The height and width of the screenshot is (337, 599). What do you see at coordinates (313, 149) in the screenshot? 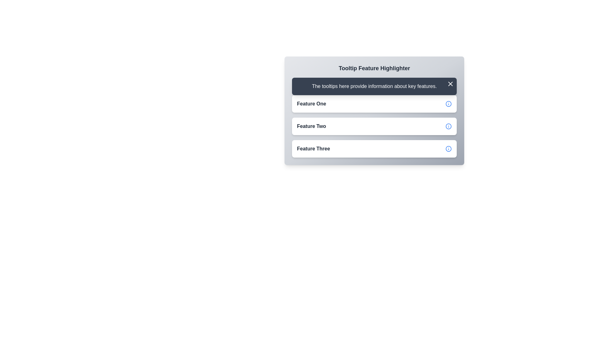
I see `to select the Text label that serves as a title or label for the feature within its card layout, positioned in the lower third of a vertical list of similar cards` at bounding box center [313, 149].